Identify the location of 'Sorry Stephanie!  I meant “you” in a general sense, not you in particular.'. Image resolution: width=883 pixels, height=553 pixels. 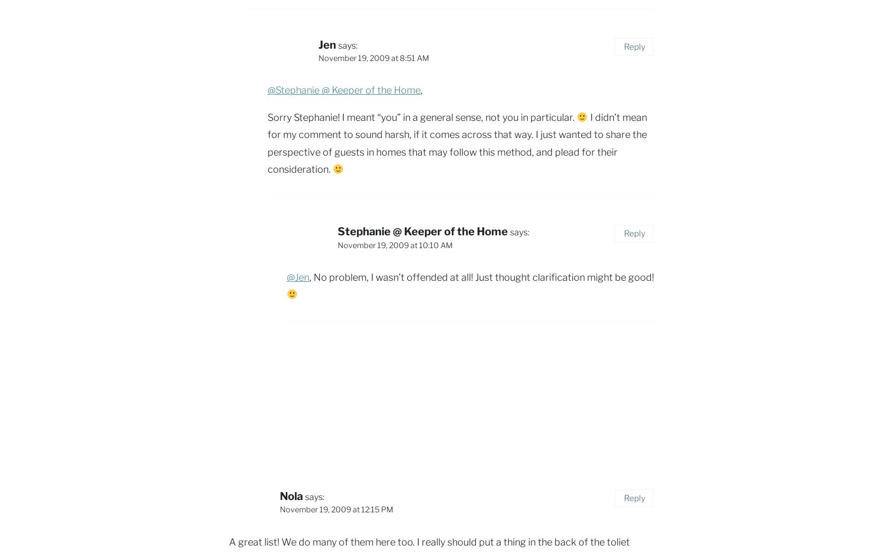
(422, 117).